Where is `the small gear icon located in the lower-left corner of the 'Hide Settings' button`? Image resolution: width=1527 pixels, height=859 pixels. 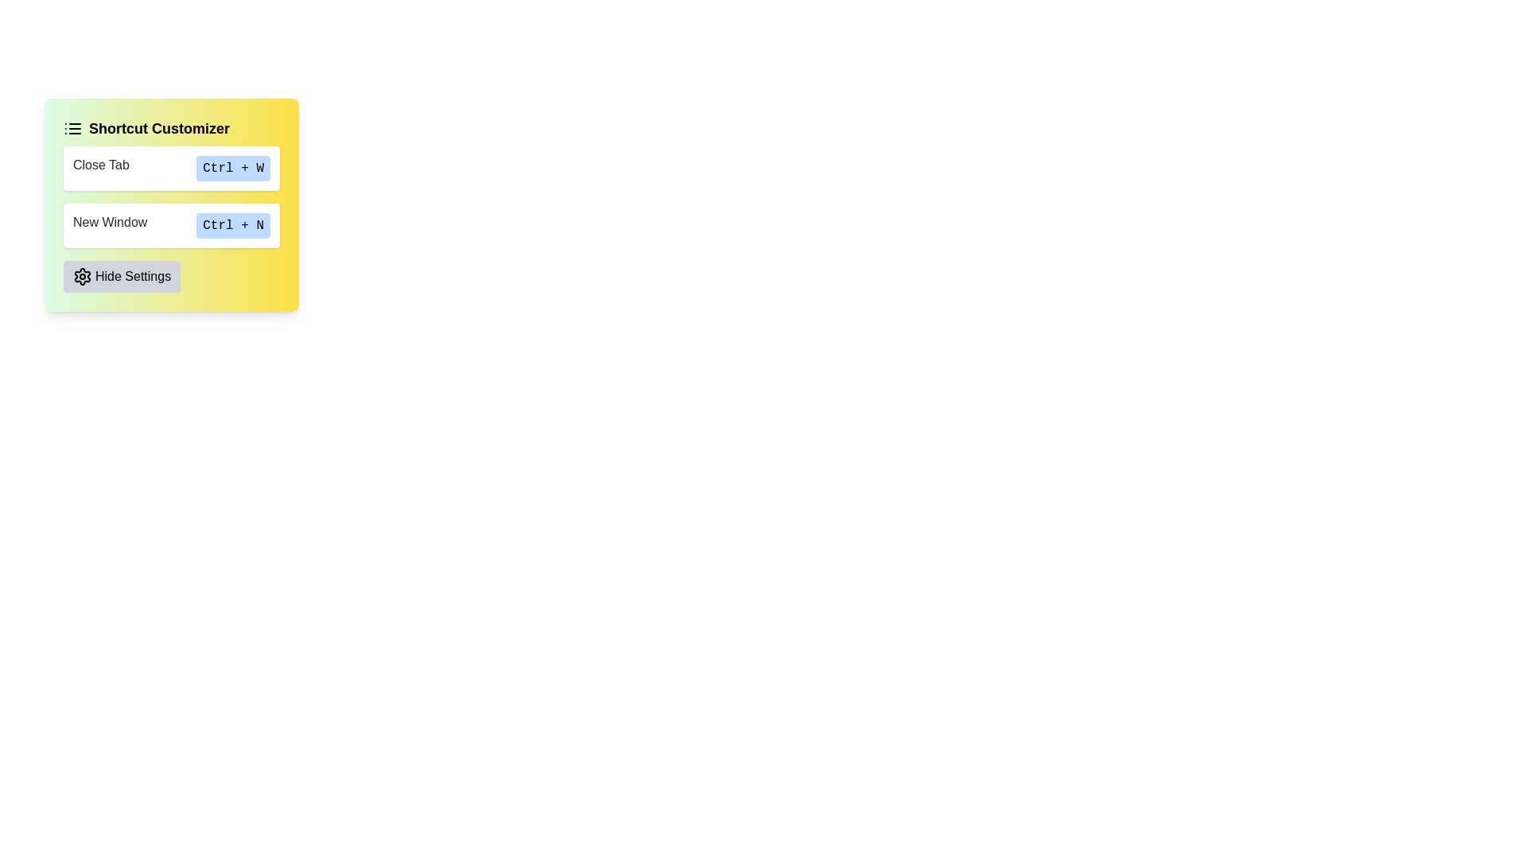 the small gear icon located in the lower-left corner of the 'Hide Settings' button is located at coordinates (82, 275).